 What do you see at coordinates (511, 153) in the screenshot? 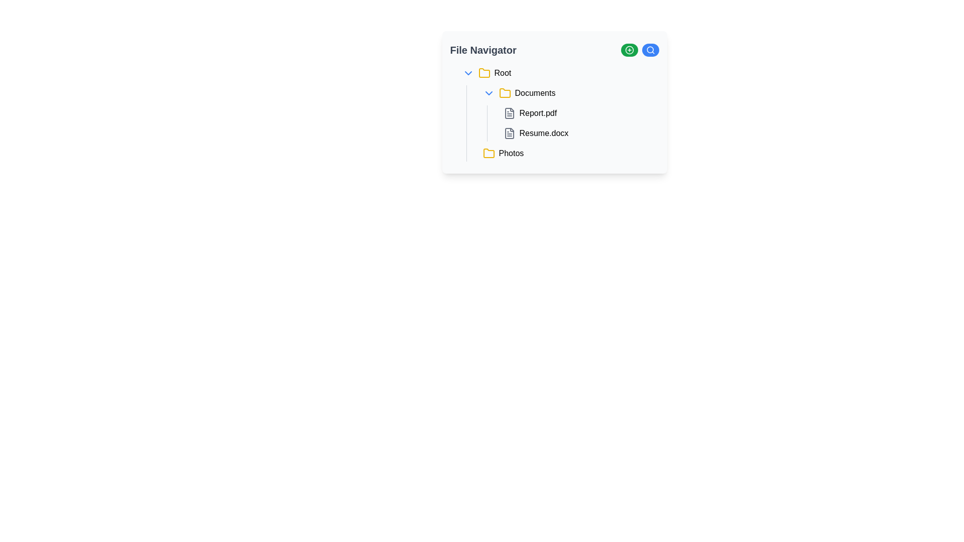
I see `the text label 'Photos' located in the bottom right corner of the 'File Navigator' menu` at bounding box center [511, 153].